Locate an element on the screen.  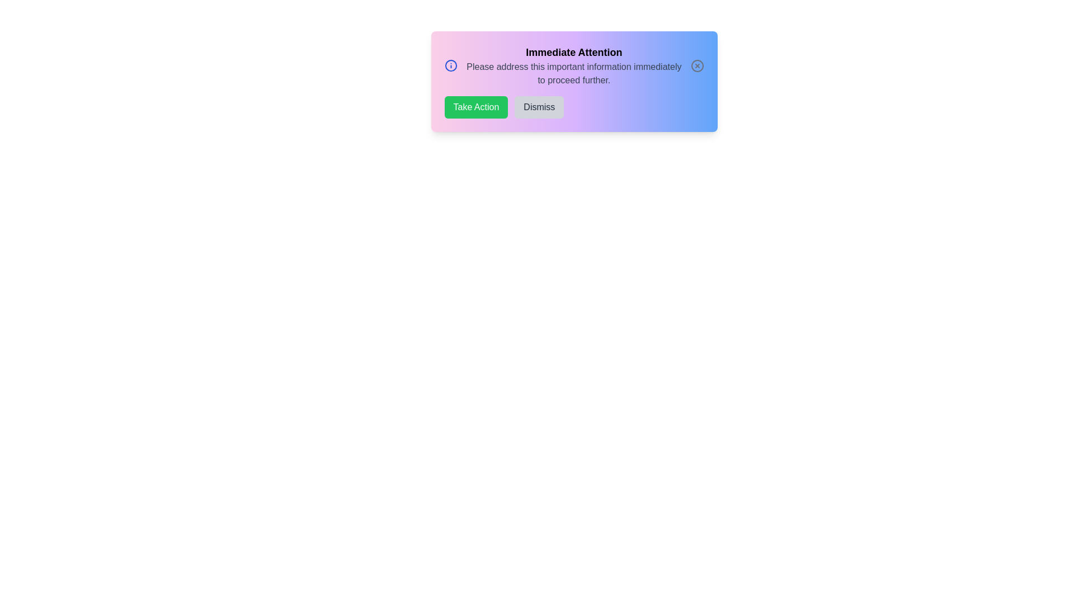
the informational icon to inspect its details is located at coordinates (451, 66).